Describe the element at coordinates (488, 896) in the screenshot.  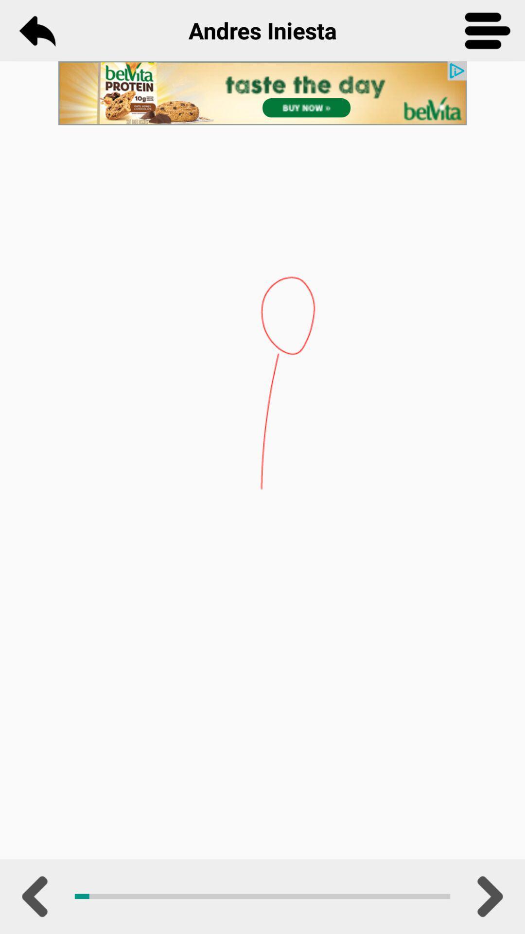
I see `next` at that location.